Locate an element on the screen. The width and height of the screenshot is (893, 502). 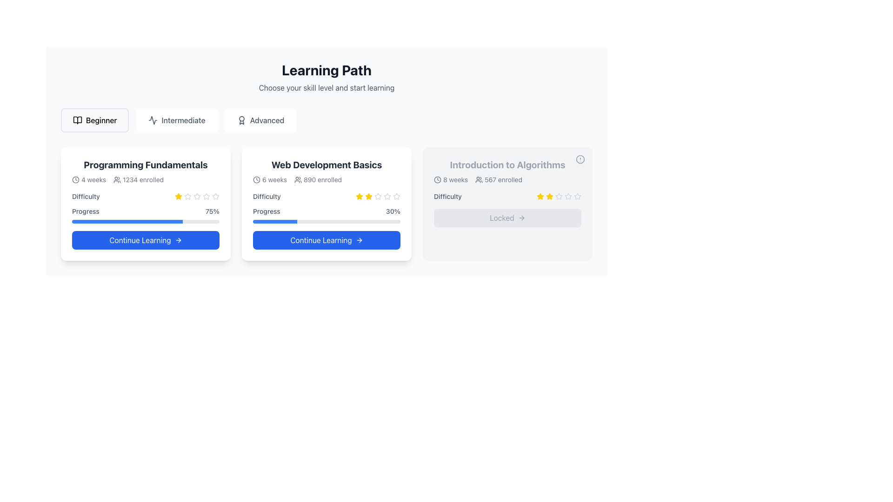
the rightward-pointing arrow icon located within the 'Continue Learning' button of the 'Programming Fundamentals' card is located at coordinates (179, 239).